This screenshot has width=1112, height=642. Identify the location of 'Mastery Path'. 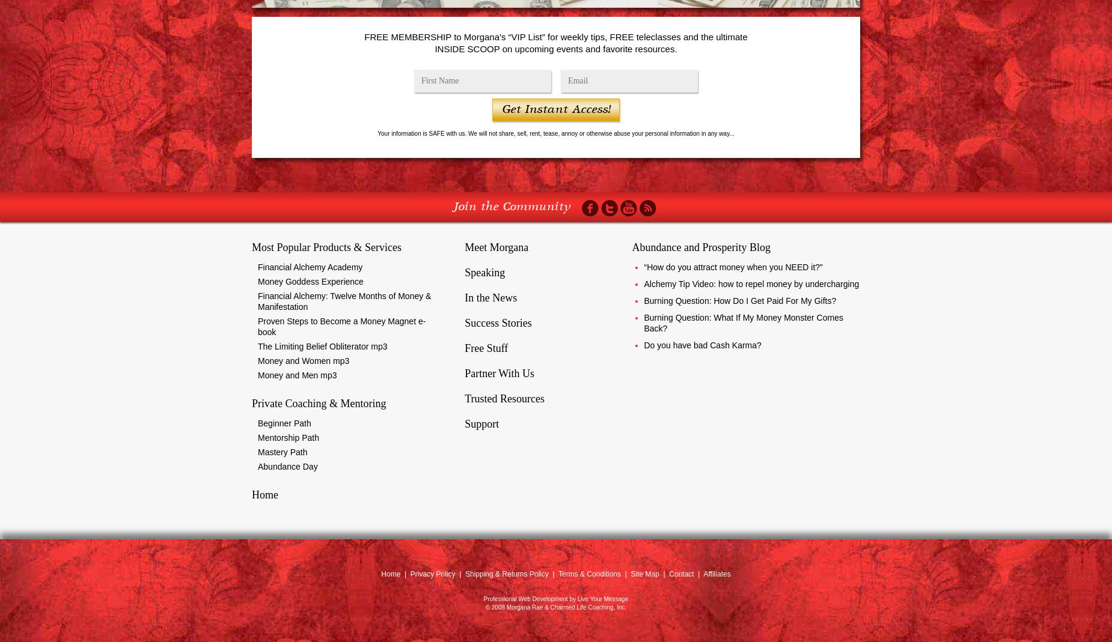
(283, 452).